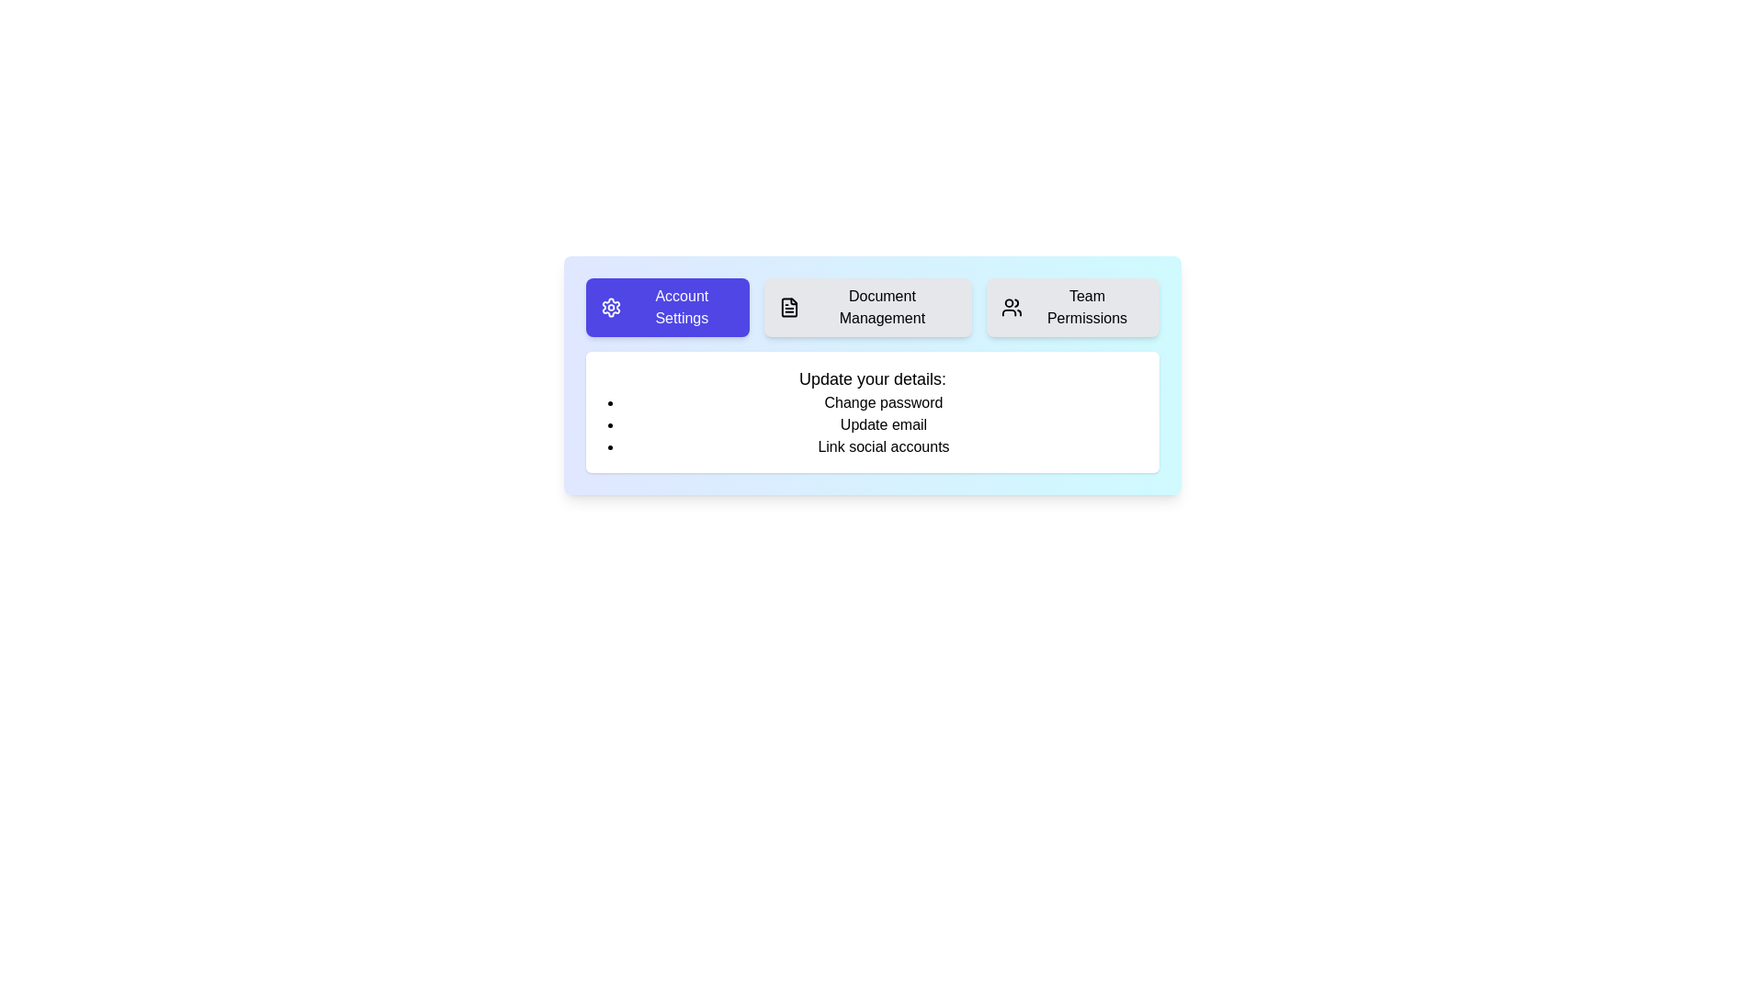 The width and height of the screenshot is (1764, 992). I want to click on the text label indicating the option to update an email address, positioned centrally in the Account Settings panel, below the 'Change password' option and above 'Link social accounts', so click(883, 424).